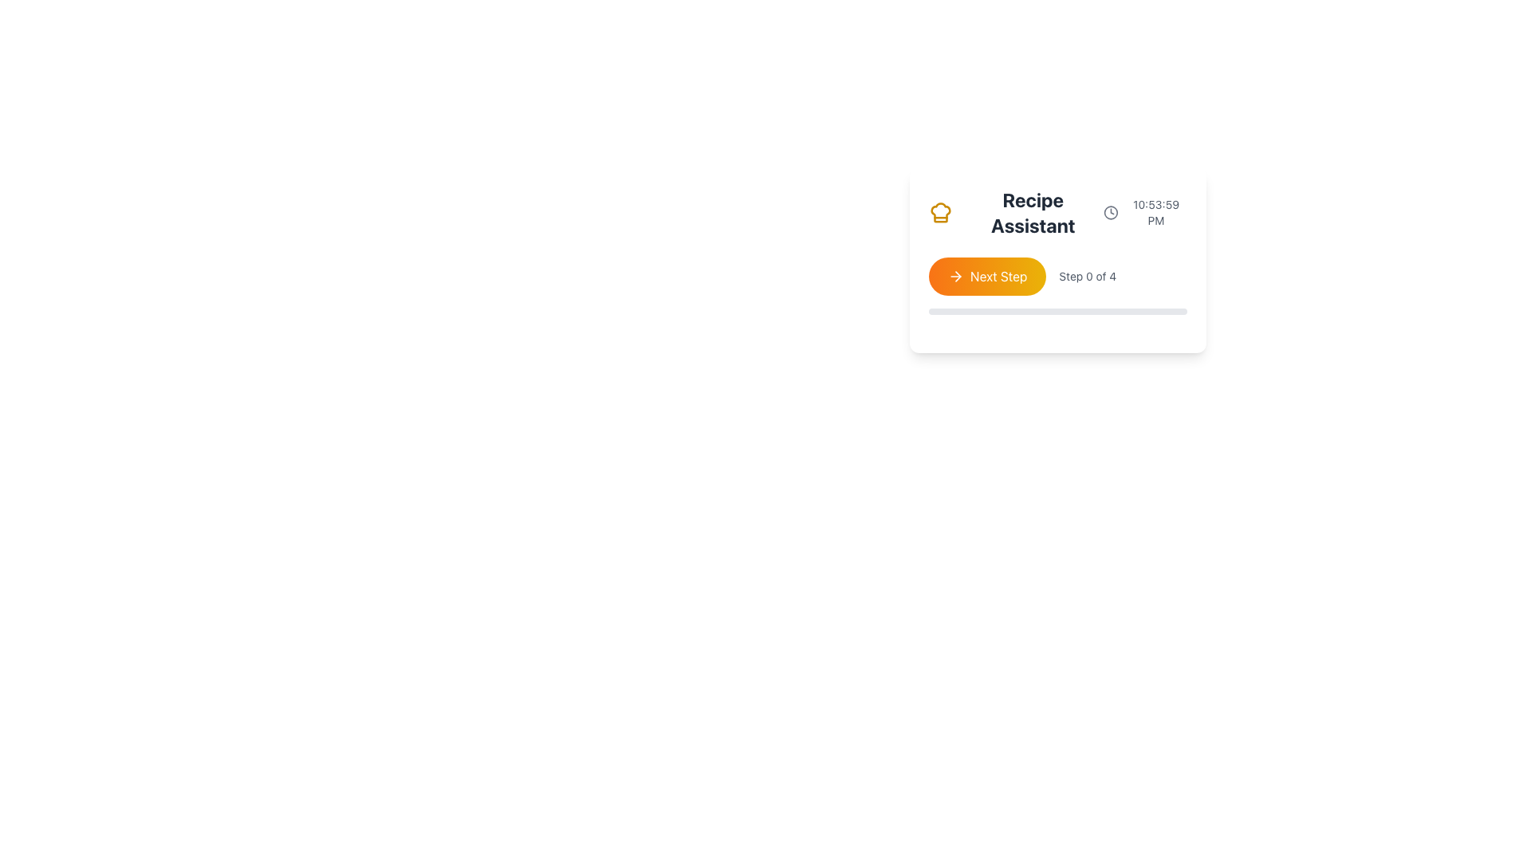 This screenshot has width=1531, height=861. What do you see at coordinates (1057, 276) in the screenshot?
I see `the button on the 'Recipe Assistant' navigation interface to proceed to the next step` at bounding box center [1057, 276].